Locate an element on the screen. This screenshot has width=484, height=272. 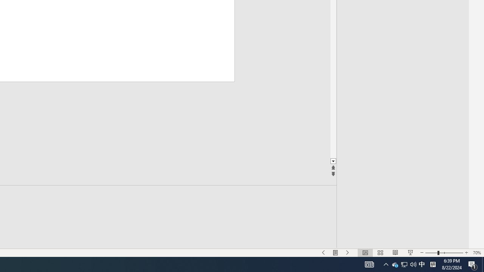
'Reading View' is located at coordinates (395, 253).